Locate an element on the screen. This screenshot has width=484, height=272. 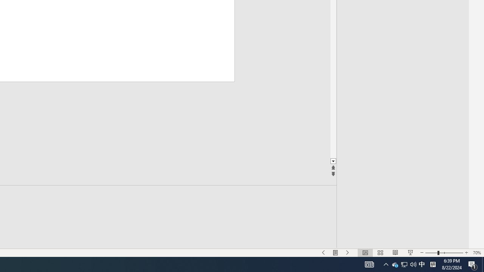
'Reading View' is located at coordinates (395, 253).